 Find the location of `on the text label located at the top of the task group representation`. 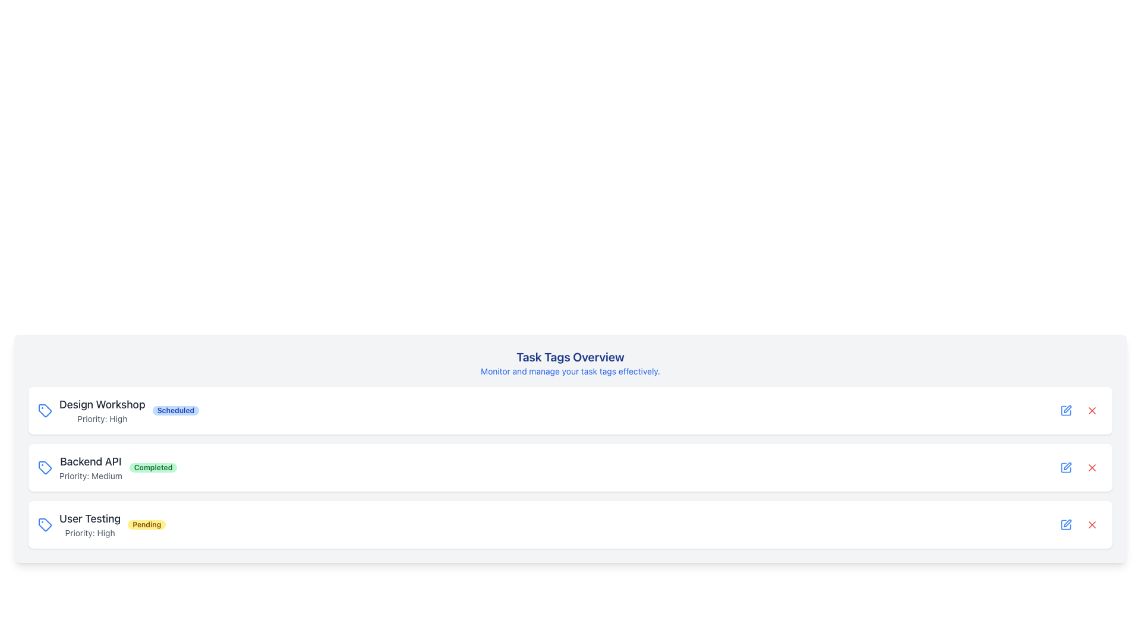

on the text label located at the top of the task group representation is located at coordinates (102, 404).